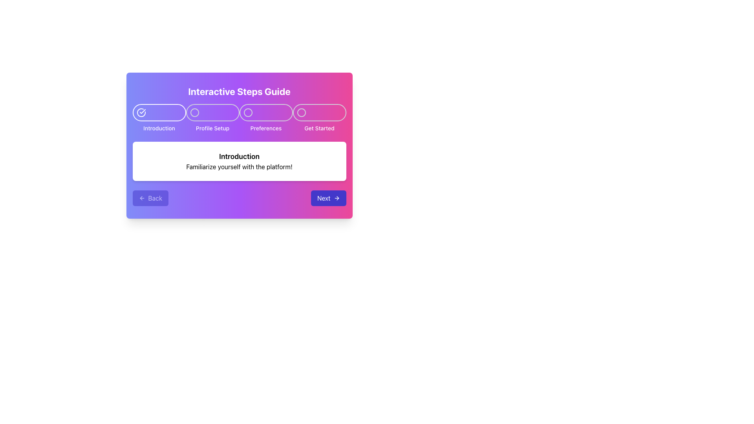  Describe the element at coordinates (247, 112) in the screenshot. I see `the third circular navigation indicator labeled 'Preferences'` at that location.